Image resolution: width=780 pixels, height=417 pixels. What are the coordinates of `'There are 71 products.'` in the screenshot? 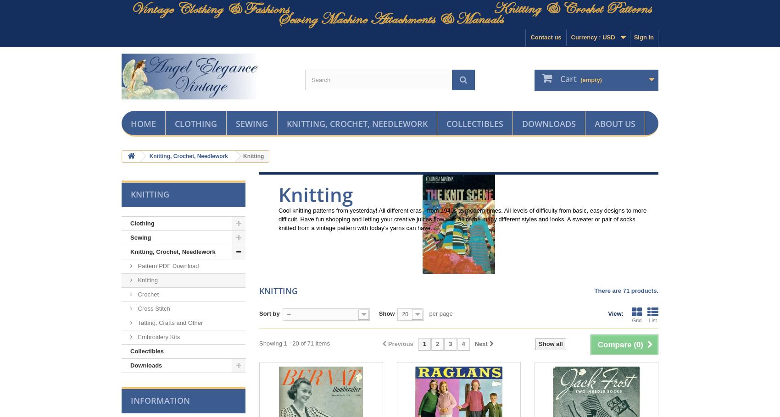 It's located at (626, 291).